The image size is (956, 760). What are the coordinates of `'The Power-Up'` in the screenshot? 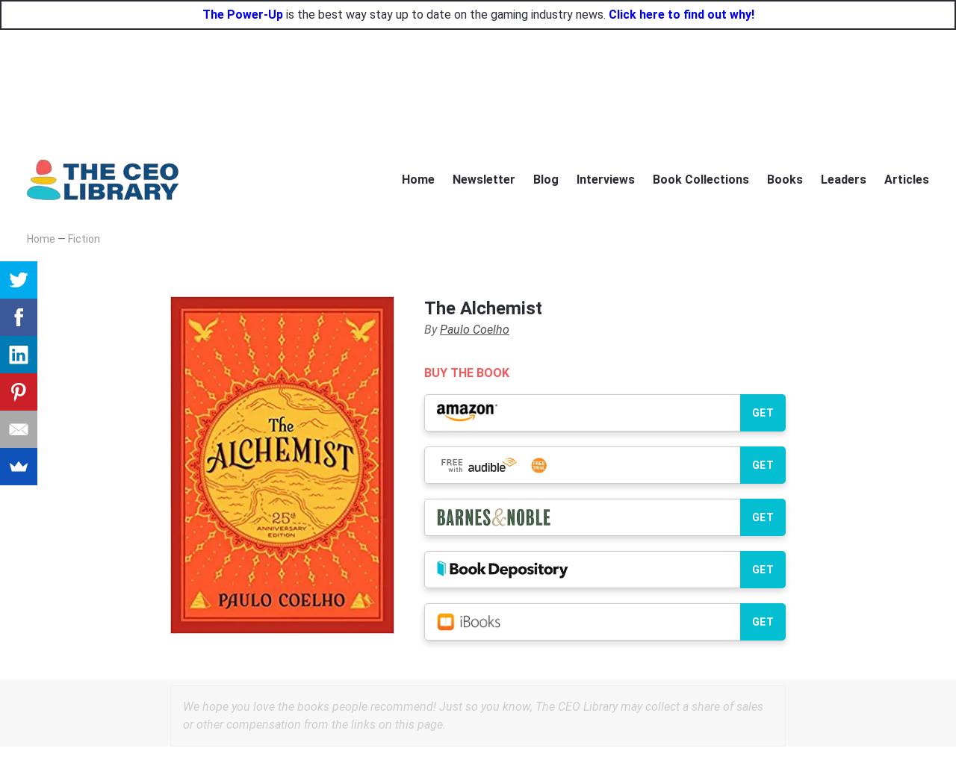 It's located at (200, 13).